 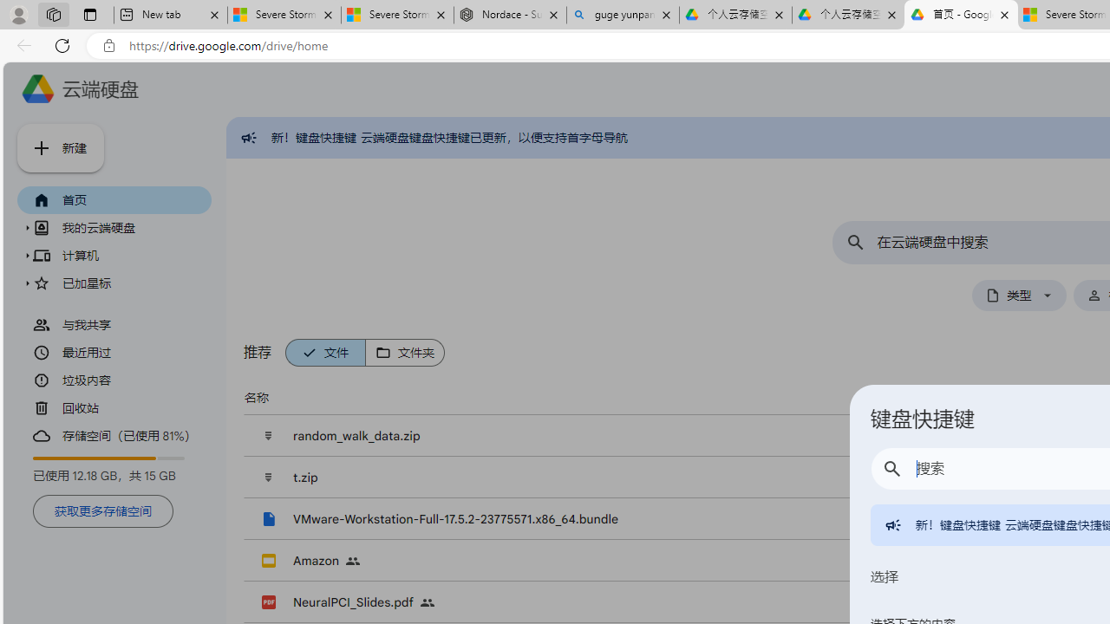 I want to click on 'Nordace - Summer Adventures 2024', so click(x=509, y=15).